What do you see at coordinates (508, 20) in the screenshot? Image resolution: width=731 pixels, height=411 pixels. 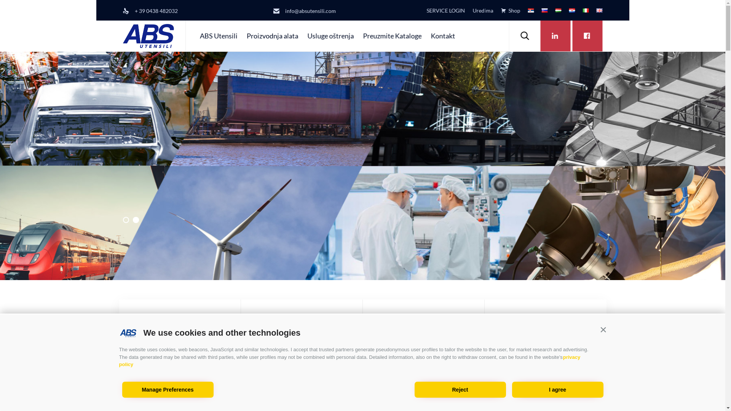 I see `'Skip to content'` at bounding box center [508, 20].